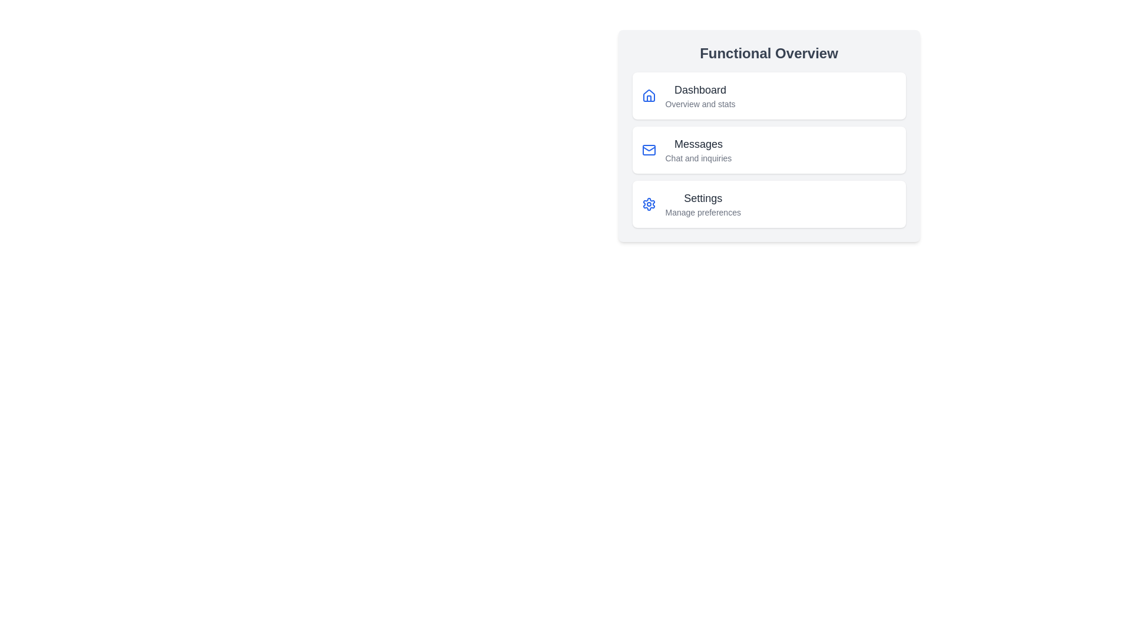 The height and width of the screenshot is (636, 1131). What do you see at coordinates (698, 158) in the screenshot?
I see `the text label 'Chat and inquiries' located below the 'Messages' title in the 'Functional Overview' menu card` at bounding box center [698, 158].